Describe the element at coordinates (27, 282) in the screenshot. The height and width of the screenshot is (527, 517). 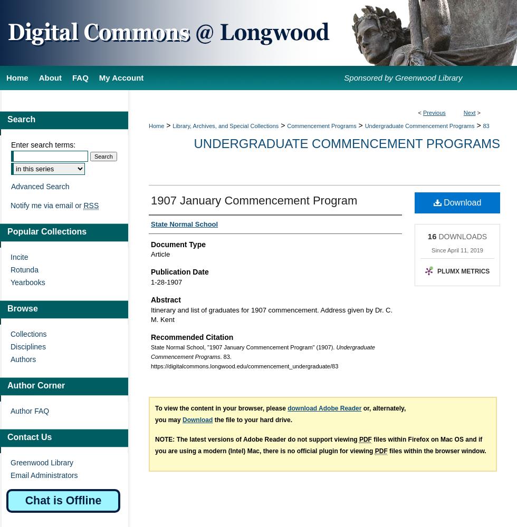
I see `'Yearbooks'` at that location.